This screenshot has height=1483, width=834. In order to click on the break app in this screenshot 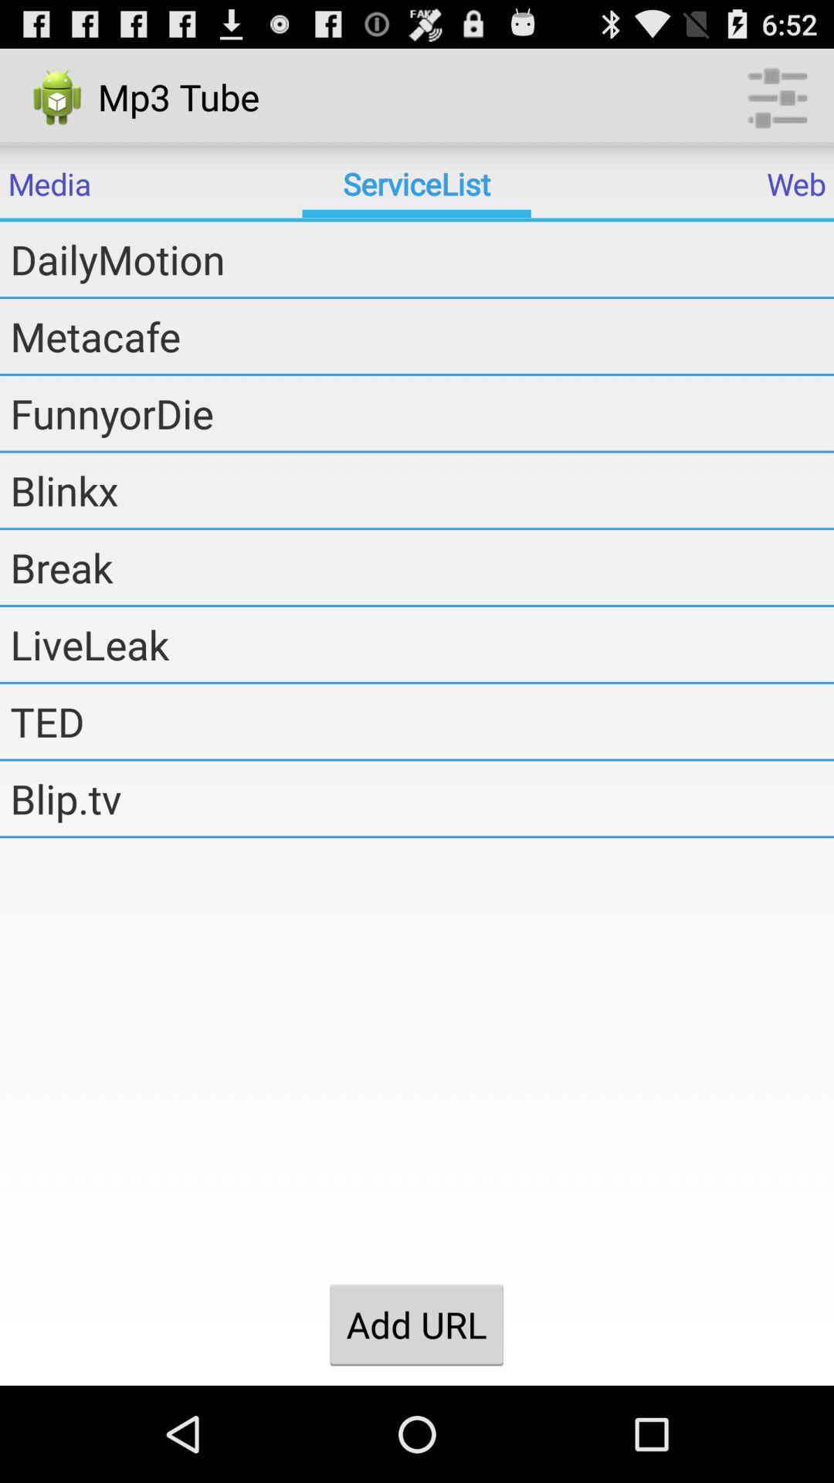, I will do `click(422, 566)`.